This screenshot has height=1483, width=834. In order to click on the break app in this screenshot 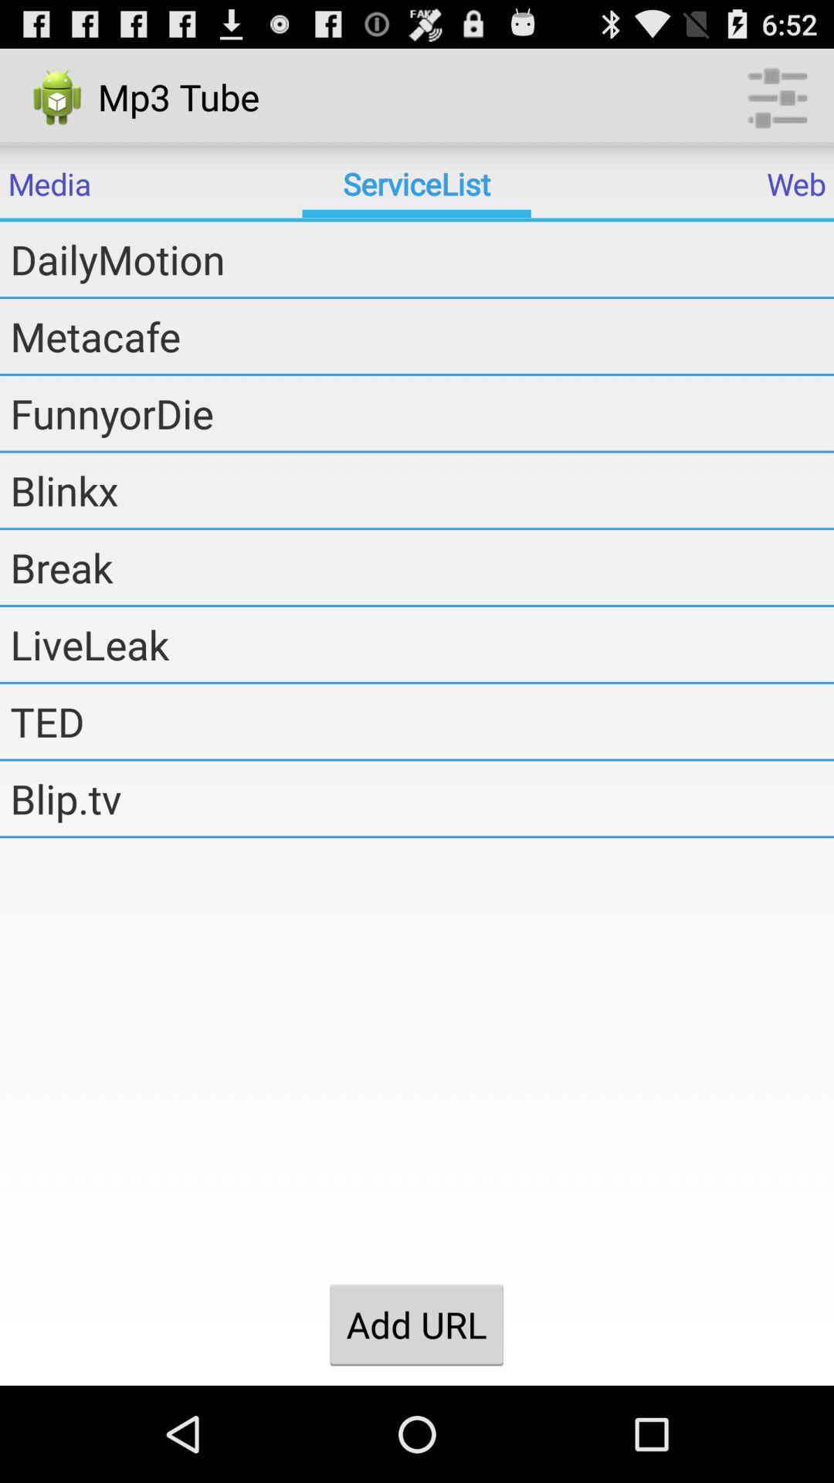, I will do `click(422, 566)`.